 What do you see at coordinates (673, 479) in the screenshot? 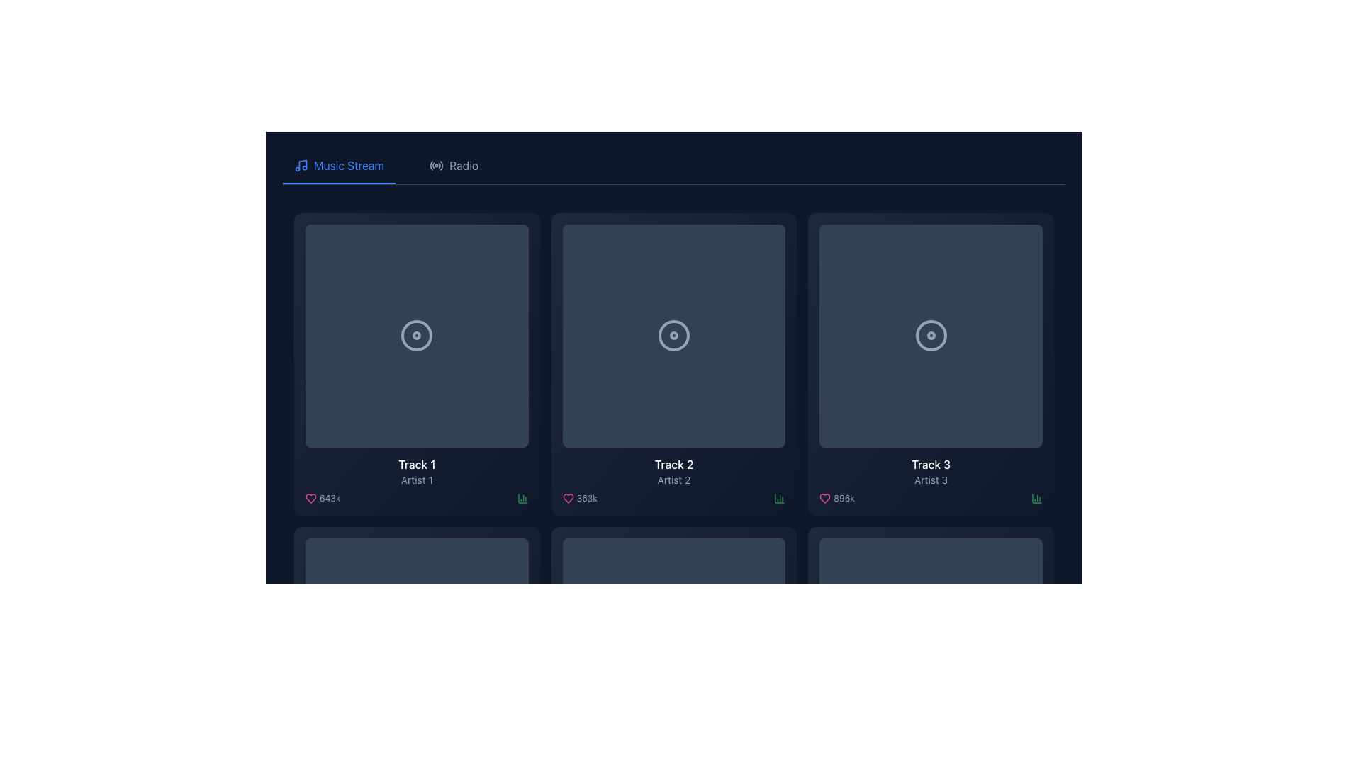
I see `the static text label reading 'Artist 2', which is styled in a smaller grey font on a dark blue background, located below the track title 'Track 2' in the music track card layout` at bounding box center [673, 479].